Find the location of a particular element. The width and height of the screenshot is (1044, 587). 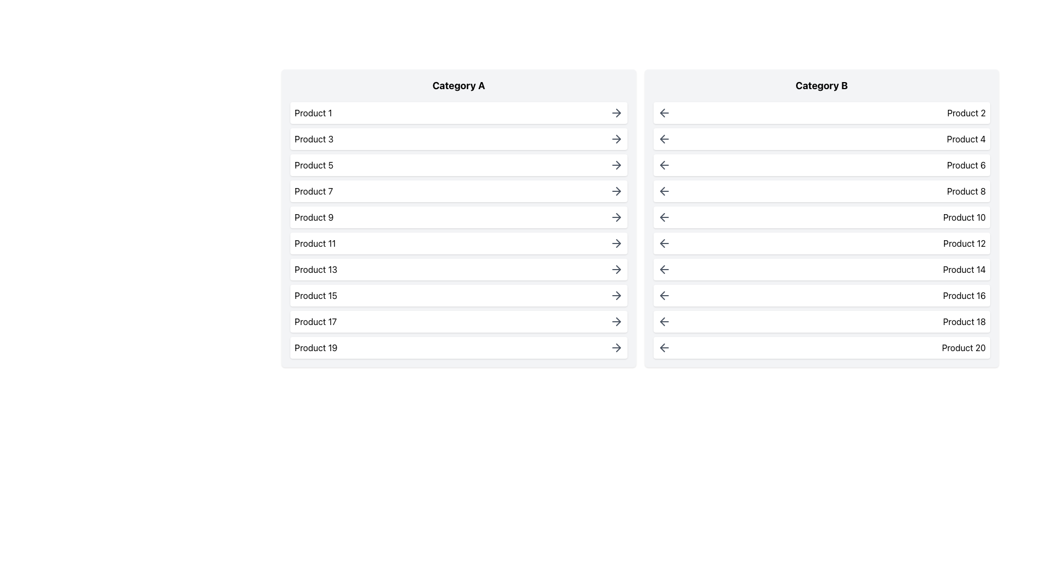

the text label displaying 'Product 5' in black font on a white background, located within the list under 'Category A', third from the top is located at coordinates (313, 165).